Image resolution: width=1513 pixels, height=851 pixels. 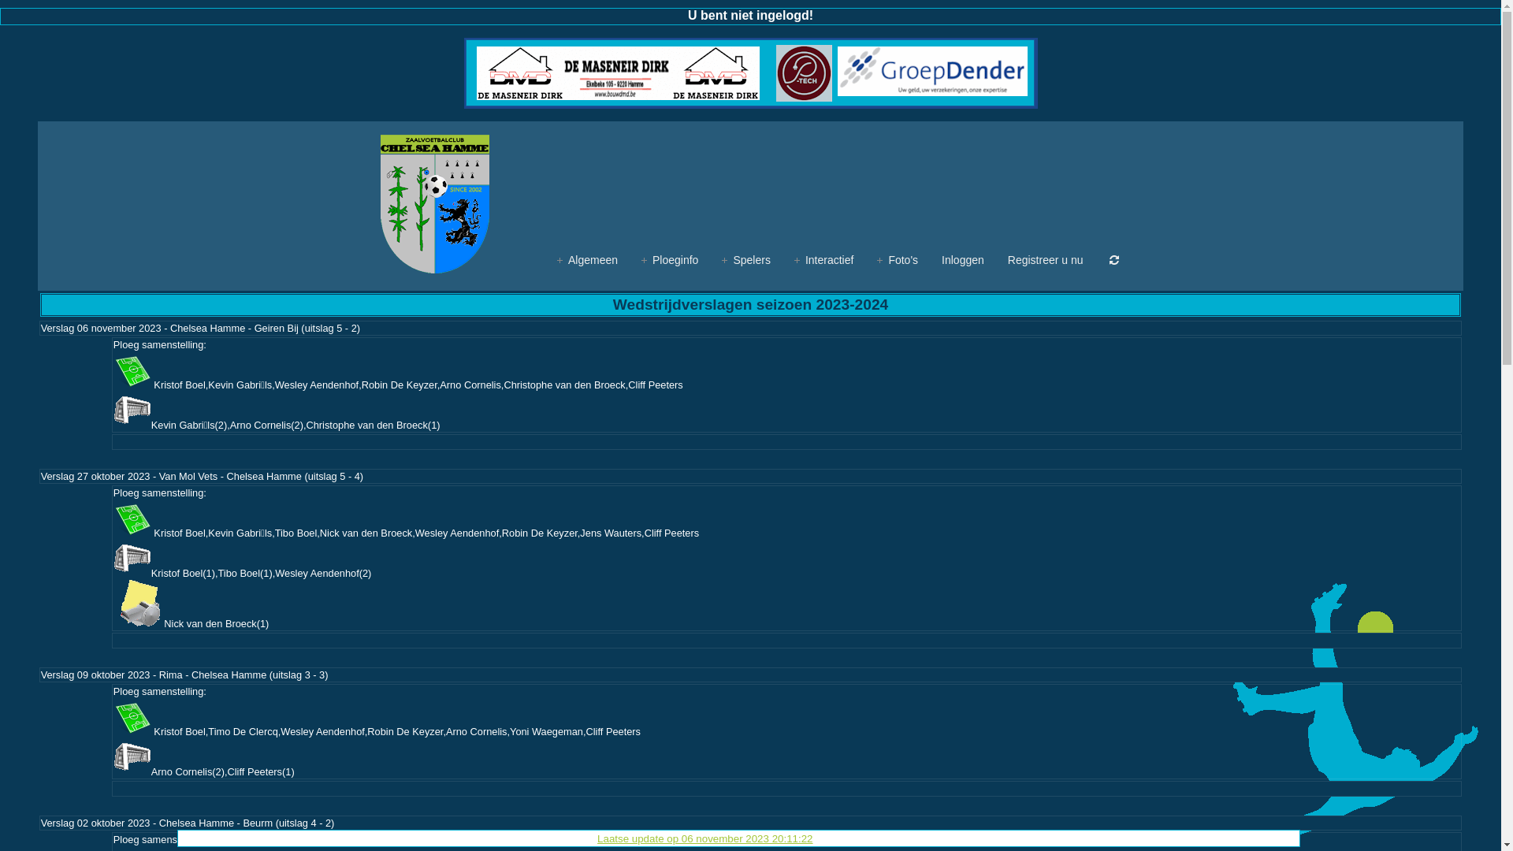 I want to click on 'Interactief', so click(x=794, y=259).